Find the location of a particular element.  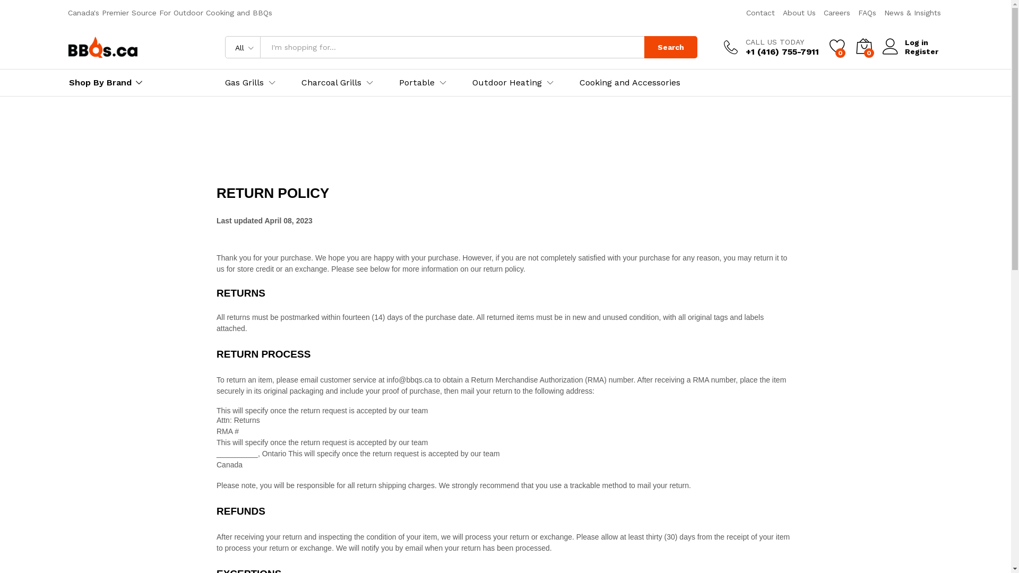

'CALL US TODAY is located at coordinates (771, 46).